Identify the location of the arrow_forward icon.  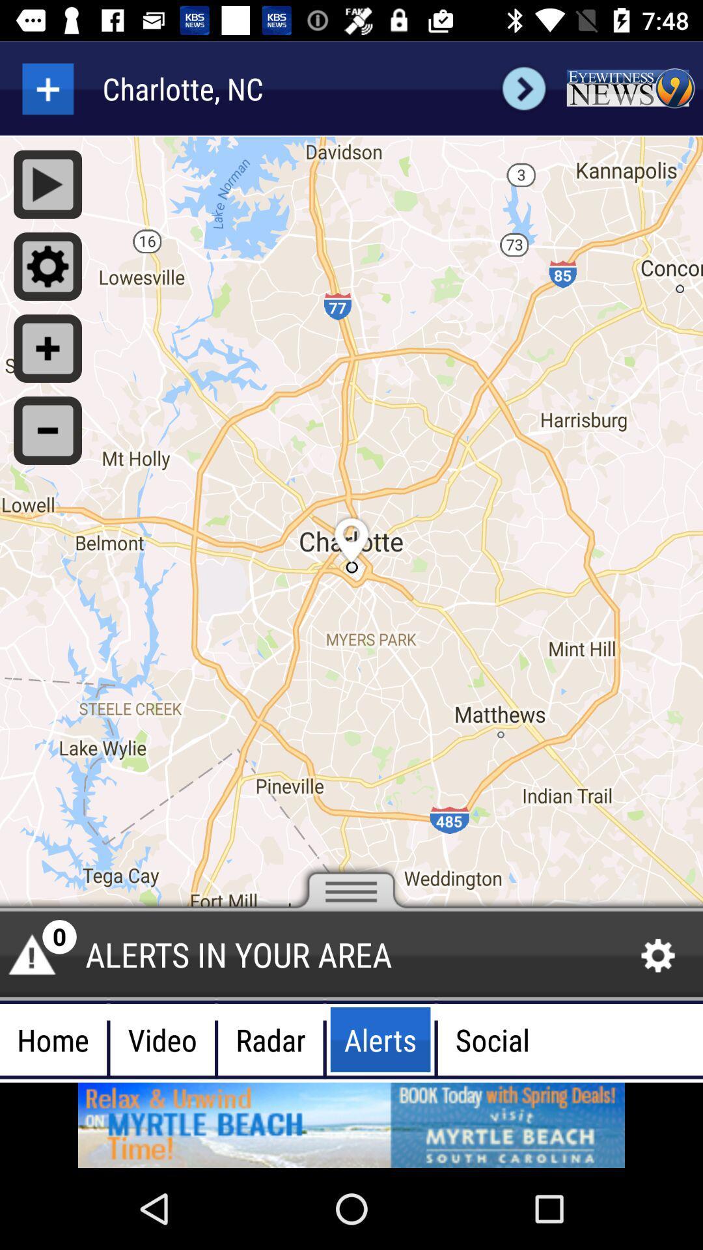
(523, 88).